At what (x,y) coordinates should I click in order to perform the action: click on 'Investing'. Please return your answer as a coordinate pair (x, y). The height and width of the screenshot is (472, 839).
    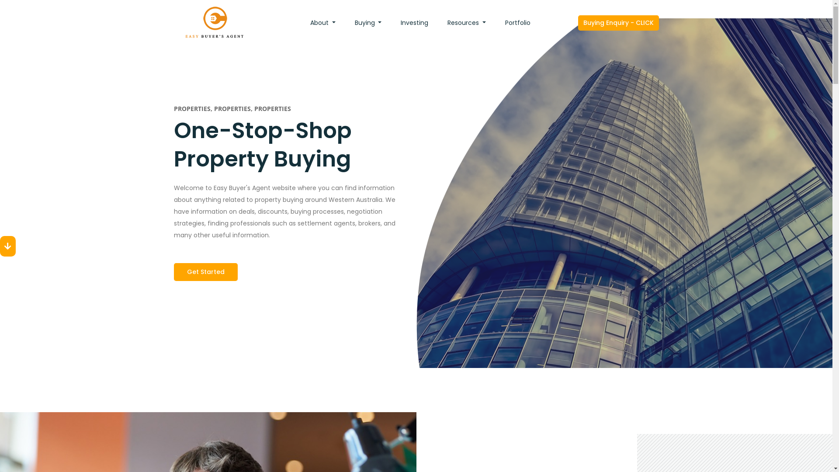
    Looking at the image, I should click on (414, 22).